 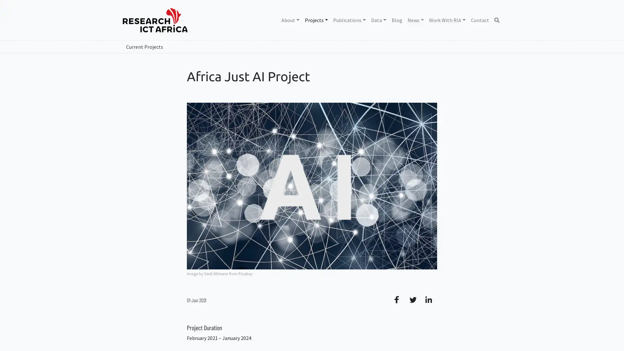 I want to click on Share to Twitter, so click(x=414, y=299).